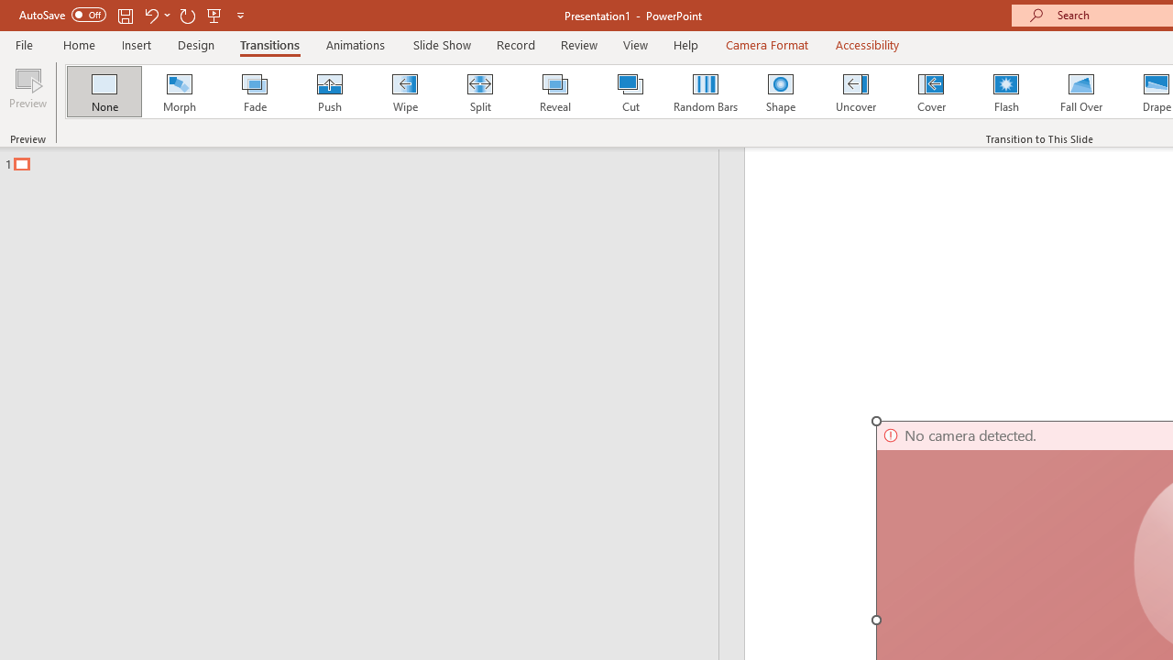  I want to click on 'Cover', so click(931, 92).